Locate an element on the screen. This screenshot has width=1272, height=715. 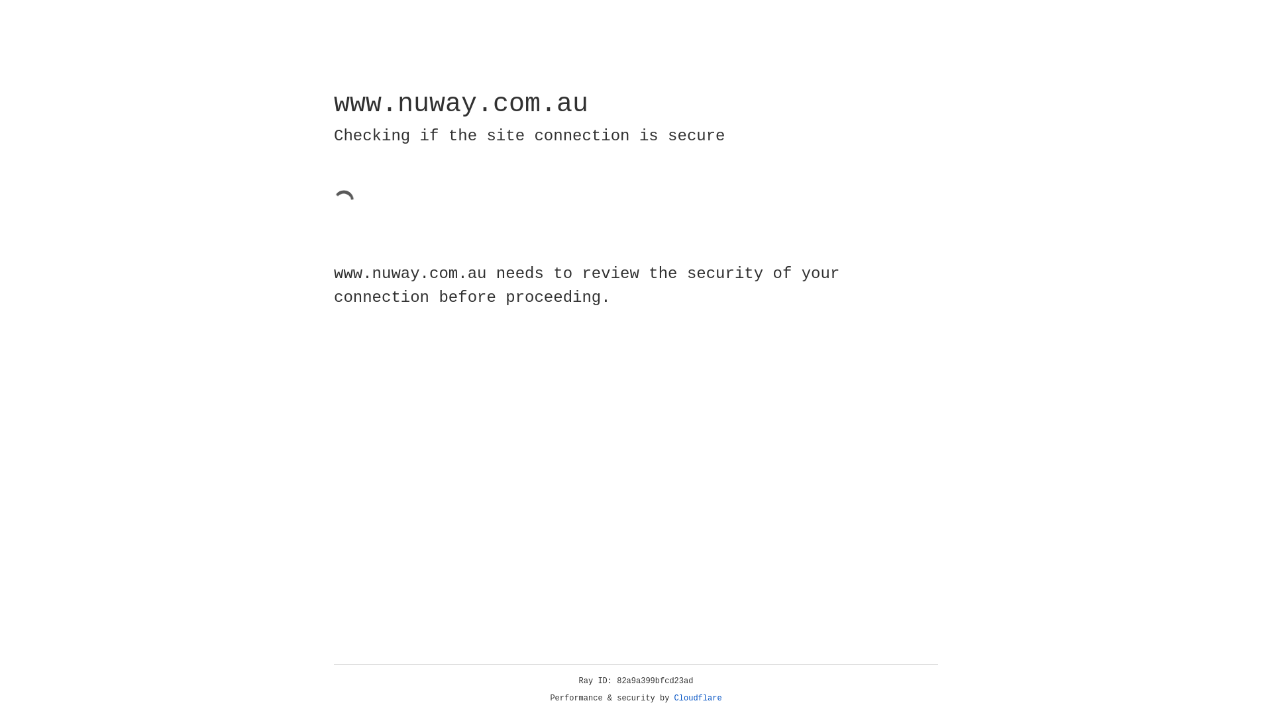
'Cloudflare' is located at coordinates (698, 698).